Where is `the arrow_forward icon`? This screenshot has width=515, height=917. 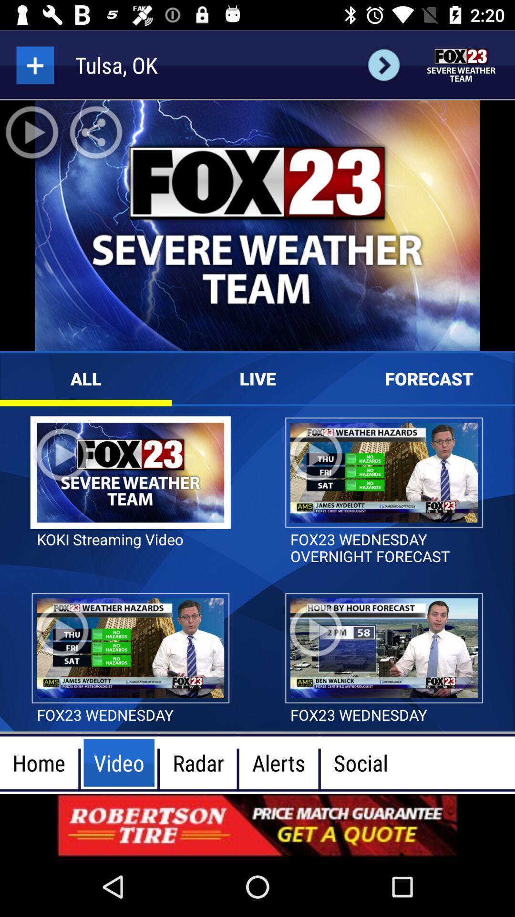
the arrow_forward icon is located at coordinates (383, 64).